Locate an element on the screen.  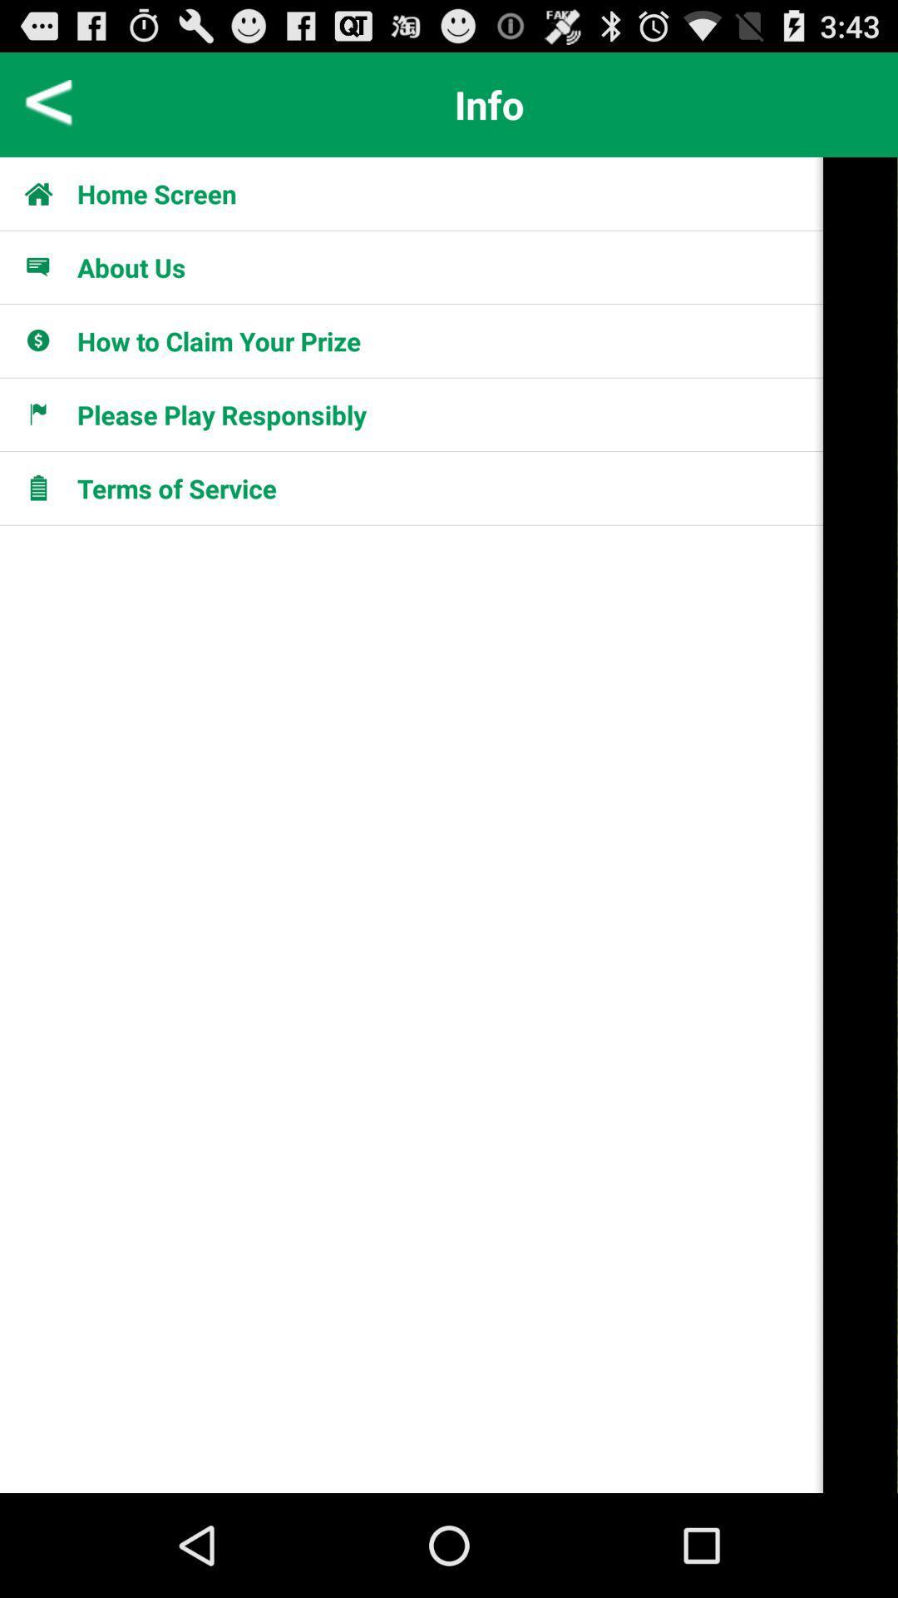
the item next to the home screen icon is located at coordinates (47, 193).